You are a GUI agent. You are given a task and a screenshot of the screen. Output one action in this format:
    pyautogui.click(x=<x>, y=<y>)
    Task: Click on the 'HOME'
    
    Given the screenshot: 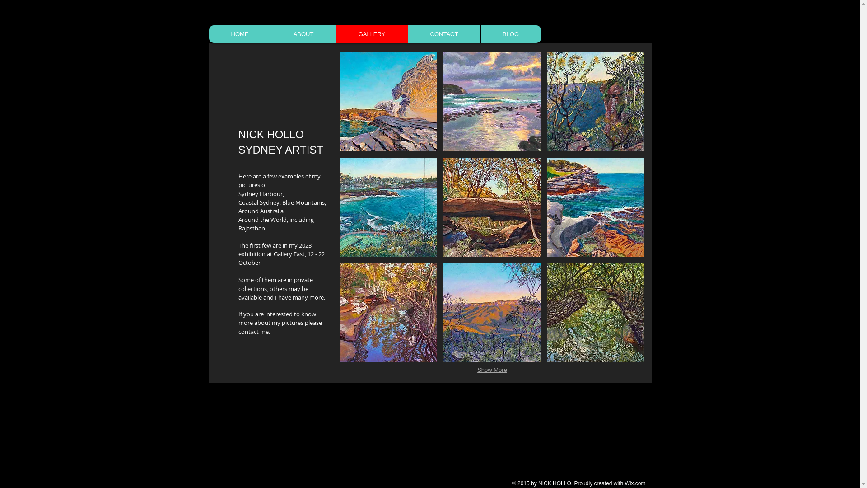 What is the action you would take?
    pyautogui.click(x=239, y=33)
    